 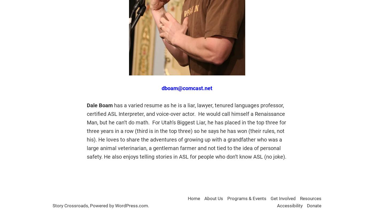 What do you see at coordinates (247, 198) in the screenshot?
I see `'Programs & Events'` at bounding box center [247, 198].